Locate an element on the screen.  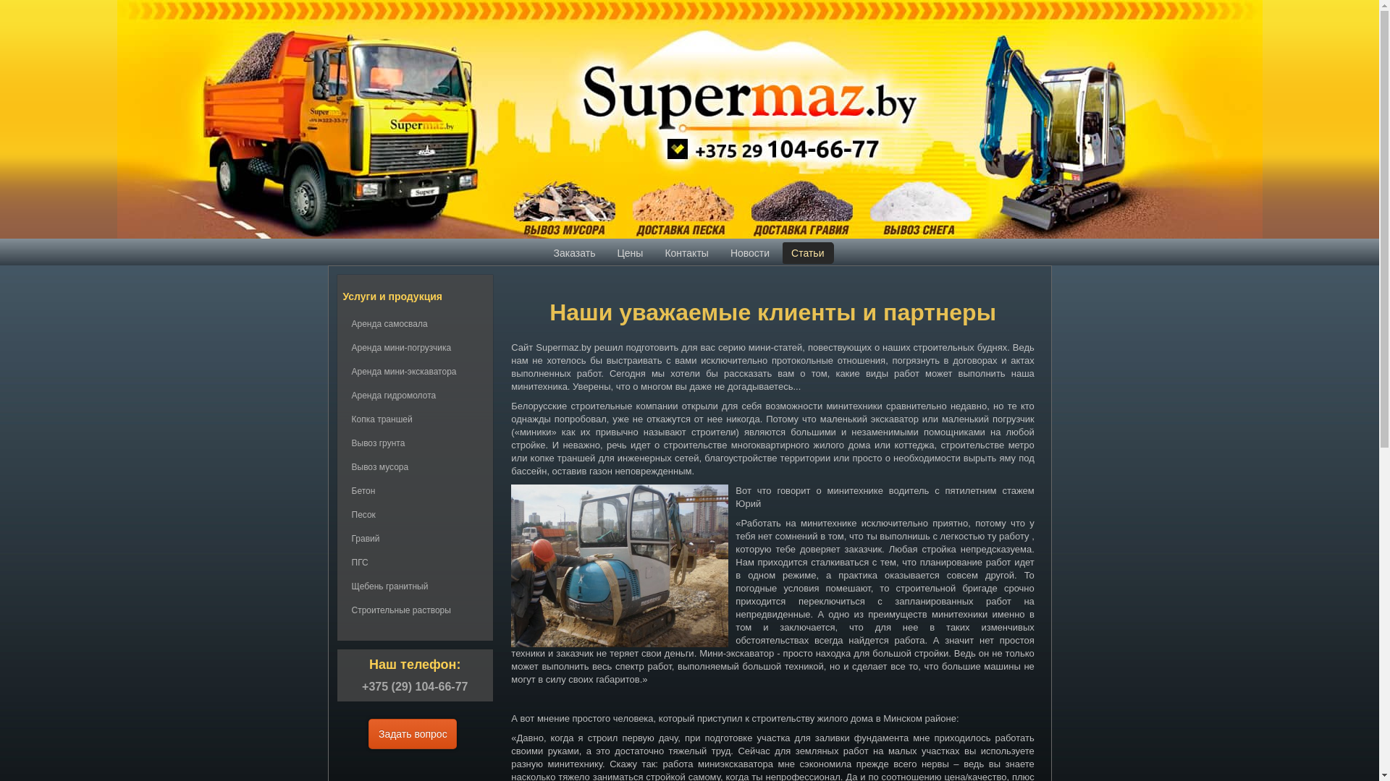
'+375 (29) 104-66-77' is located at coordinates (413, 686).